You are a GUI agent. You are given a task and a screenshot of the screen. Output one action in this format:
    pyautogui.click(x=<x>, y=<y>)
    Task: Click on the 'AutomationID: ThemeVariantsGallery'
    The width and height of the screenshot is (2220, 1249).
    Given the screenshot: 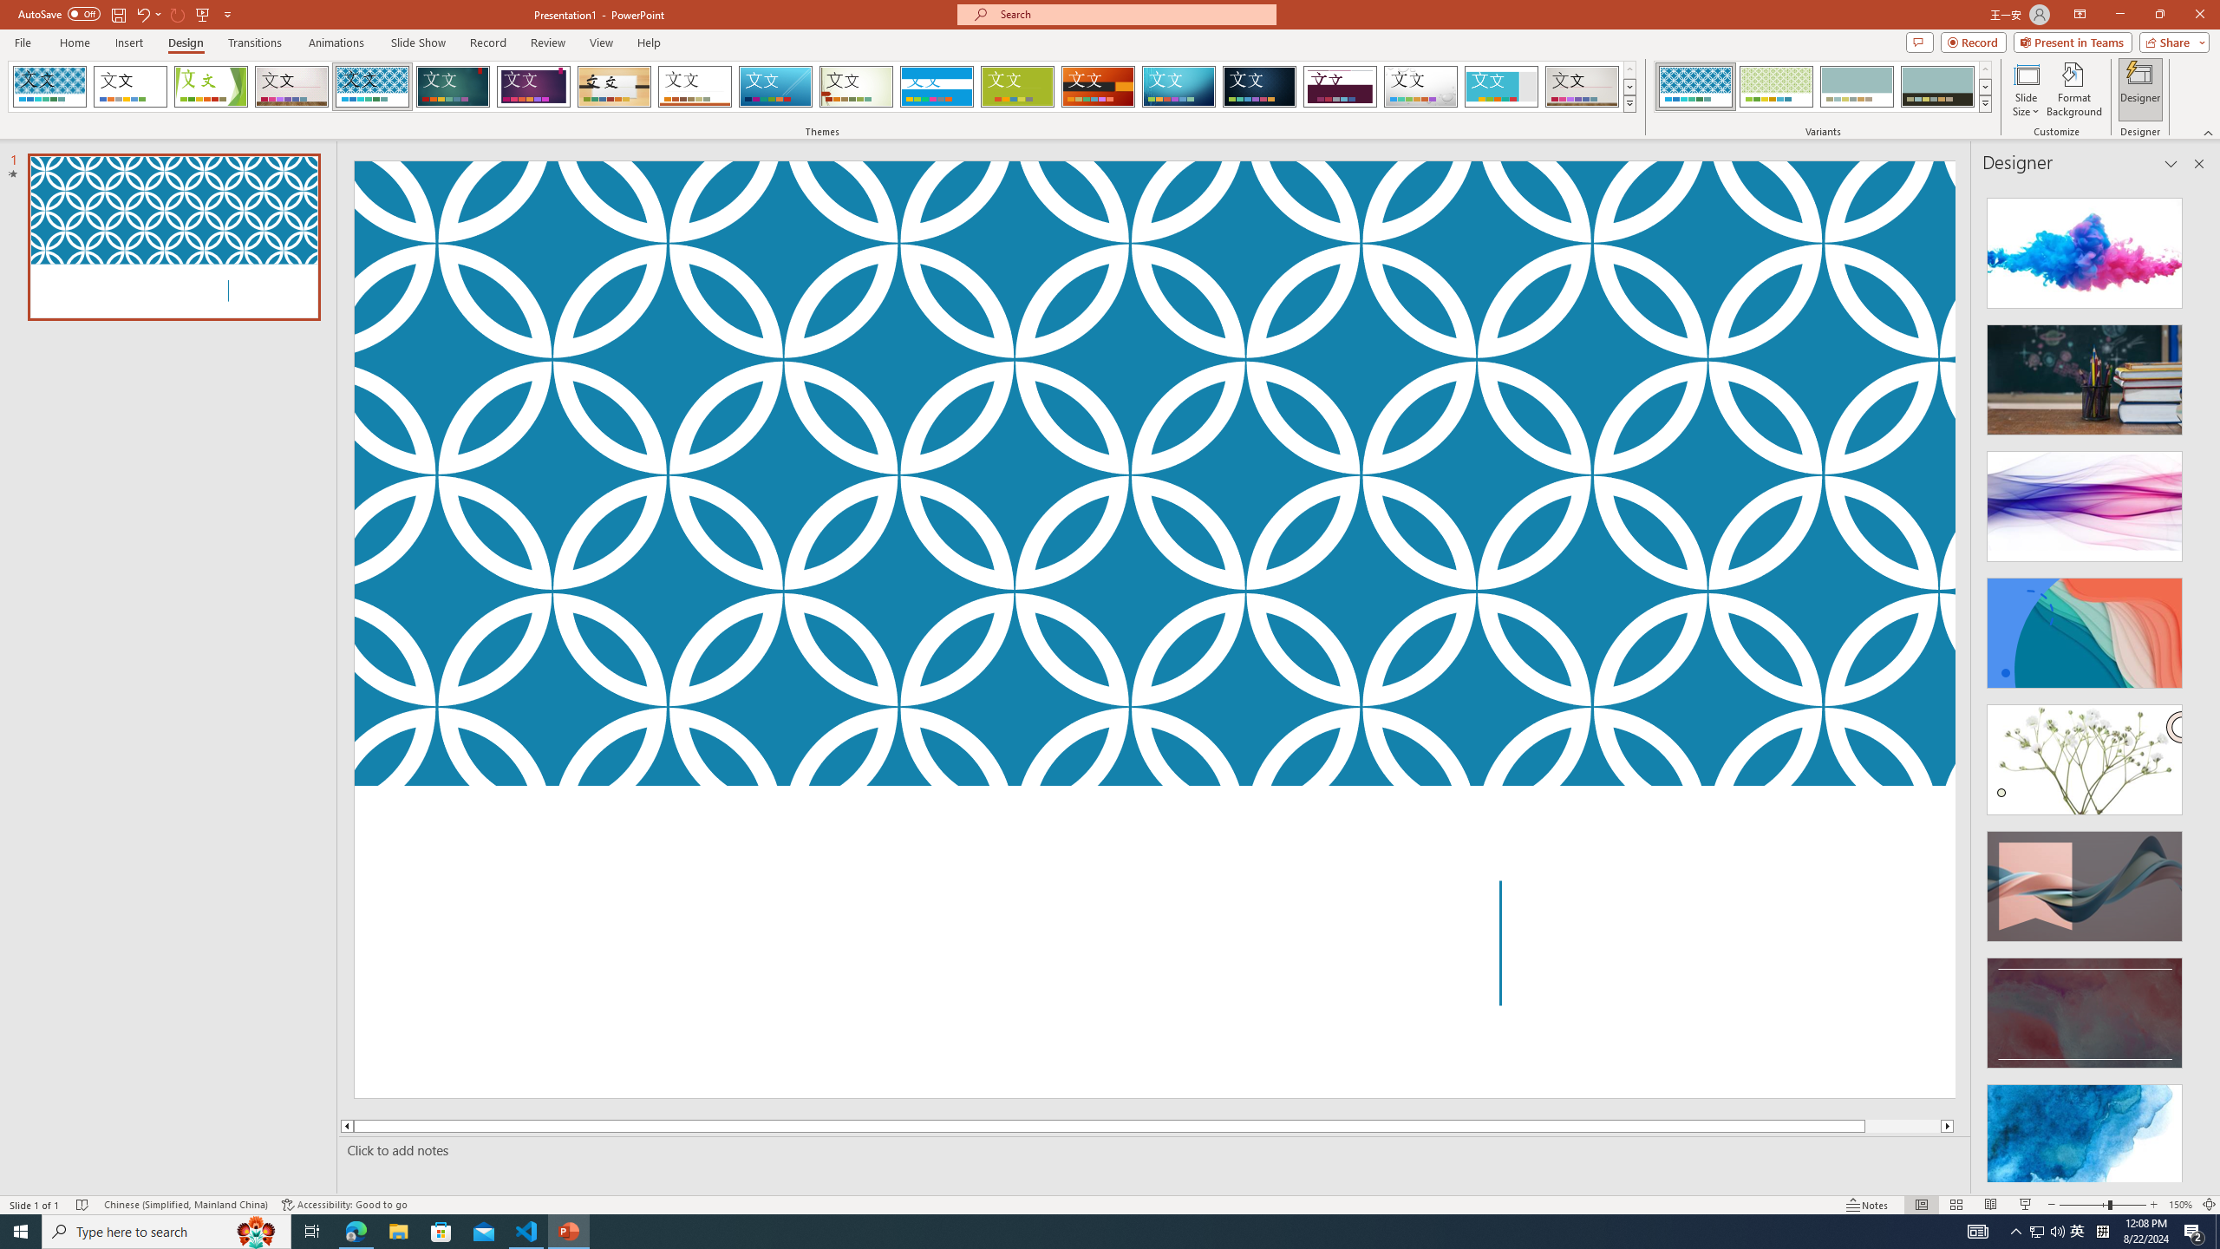 What is the action you would take?
    pyautogui.click(x=1824, y=86)
    